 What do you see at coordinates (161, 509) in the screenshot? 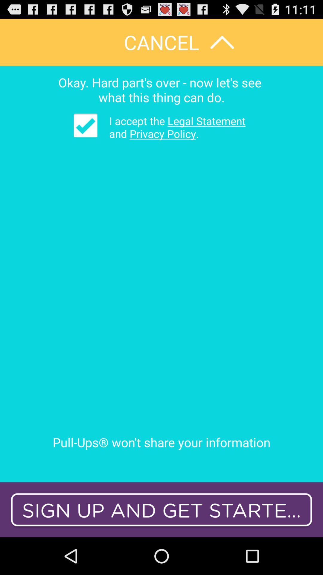
I see `sign up and item` at bounding box center [161, 509].